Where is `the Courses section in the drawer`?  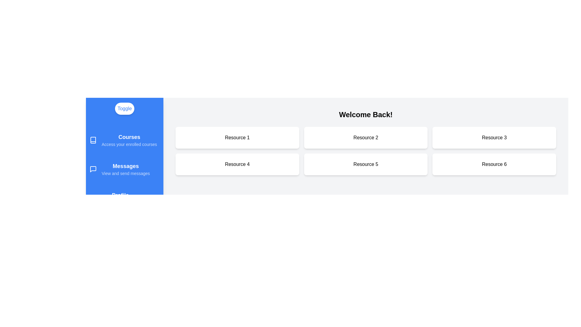
the Courses section in the drawer is located at coordinates (124, 140).